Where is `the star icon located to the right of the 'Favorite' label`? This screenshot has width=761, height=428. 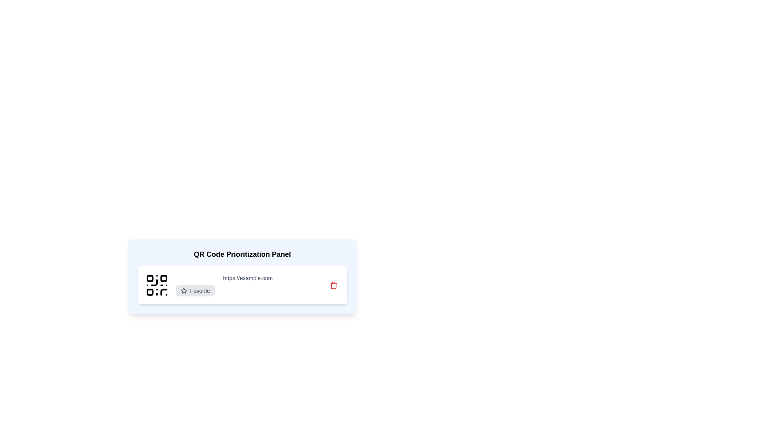 the star icon located to the right of the 'Favorite' label is located at coordinates (183, 290).